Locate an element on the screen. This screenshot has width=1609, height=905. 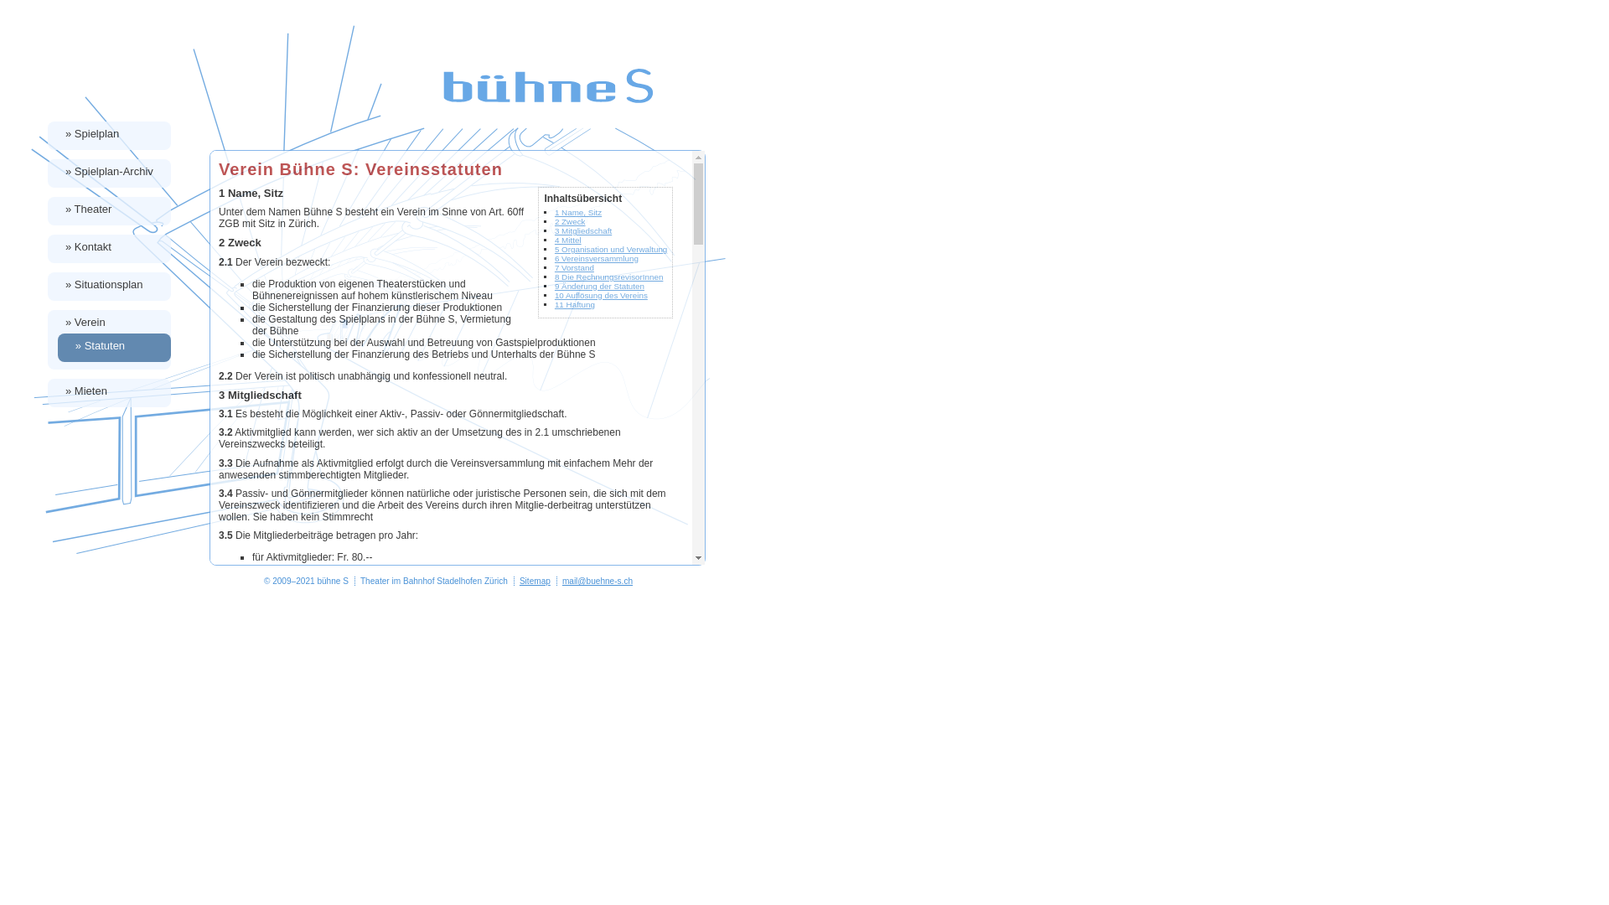
'3 Mitgliedschaft' is located at coordinates (583, 230).